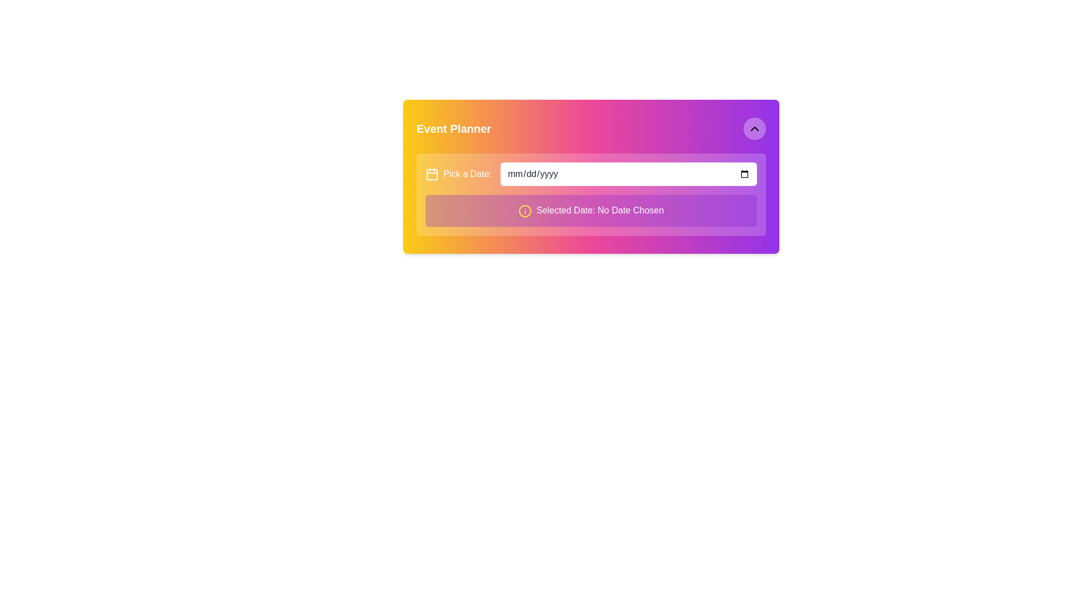 The height and width of the screenshot is (605, 1075). Describe the element at coordinates (468, 174) in the screenshot. I see `the text label that provides context for the adjacent date-picking input field, located in the upper-left portion of the form layout, next to the calendar icon` at that location.